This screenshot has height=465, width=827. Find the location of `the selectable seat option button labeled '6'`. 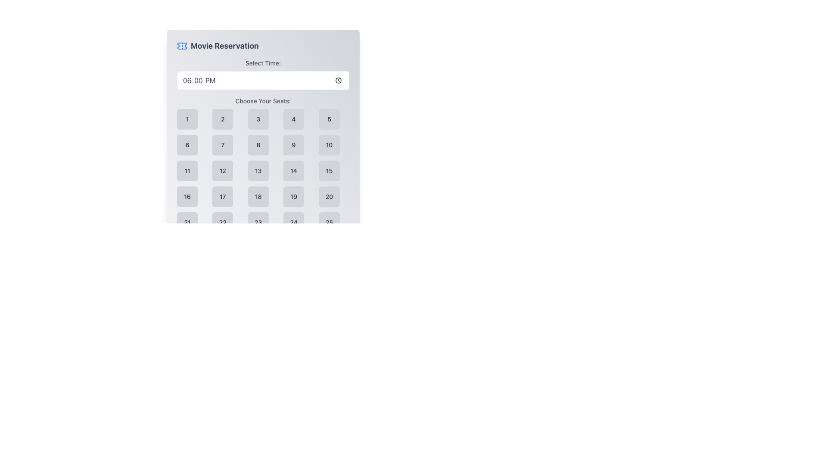

the selectable seat option button labeled '6' is located at coordinates (187, 144).